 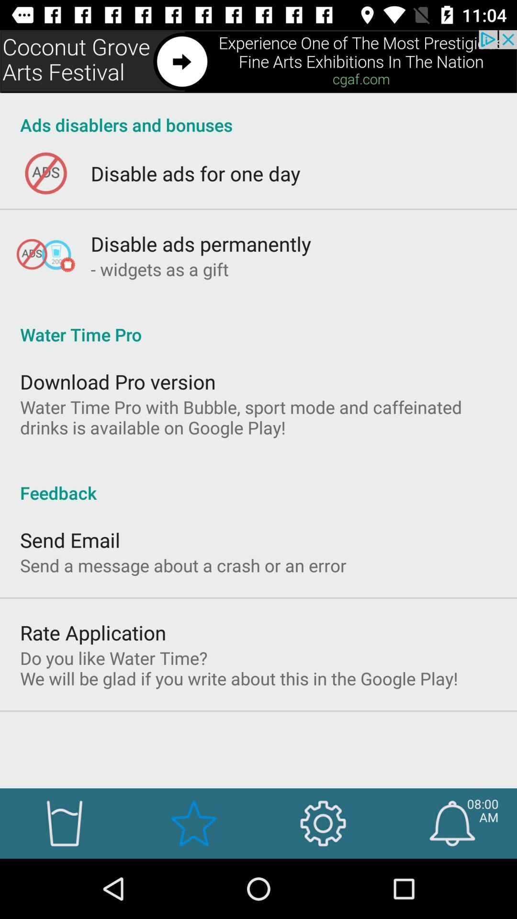 What do you see at coordinates (258, 61) in the screenshot?
I see `advertisement` at bounding box center [258, 61].